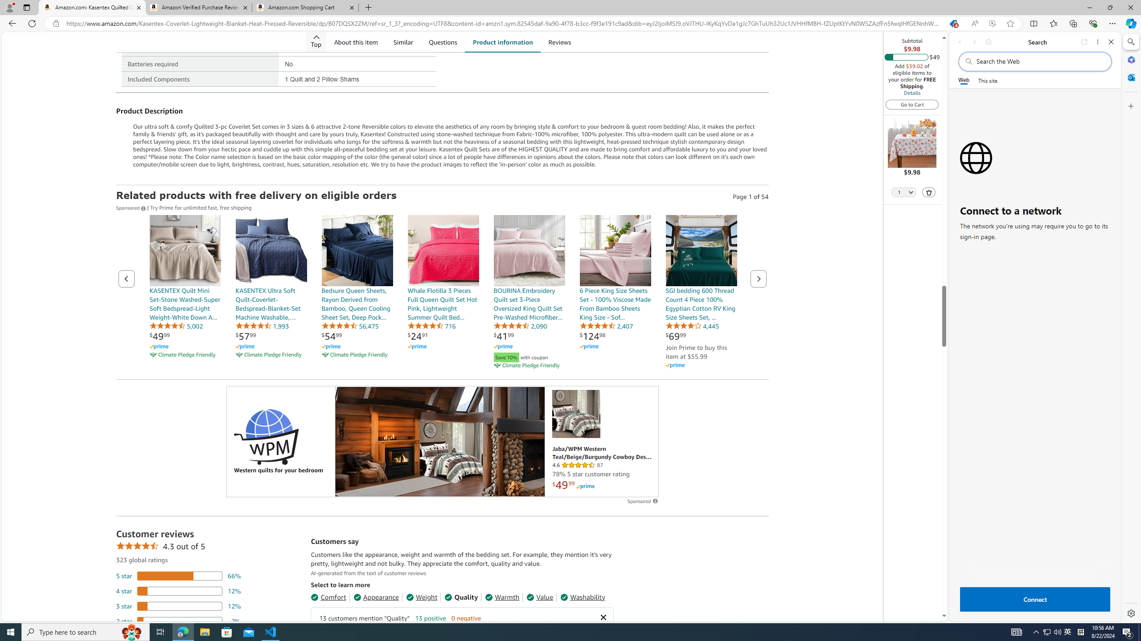 The width and height of the screenshot is (1141, 641). I want to click on '2,090', so click(520, 325).